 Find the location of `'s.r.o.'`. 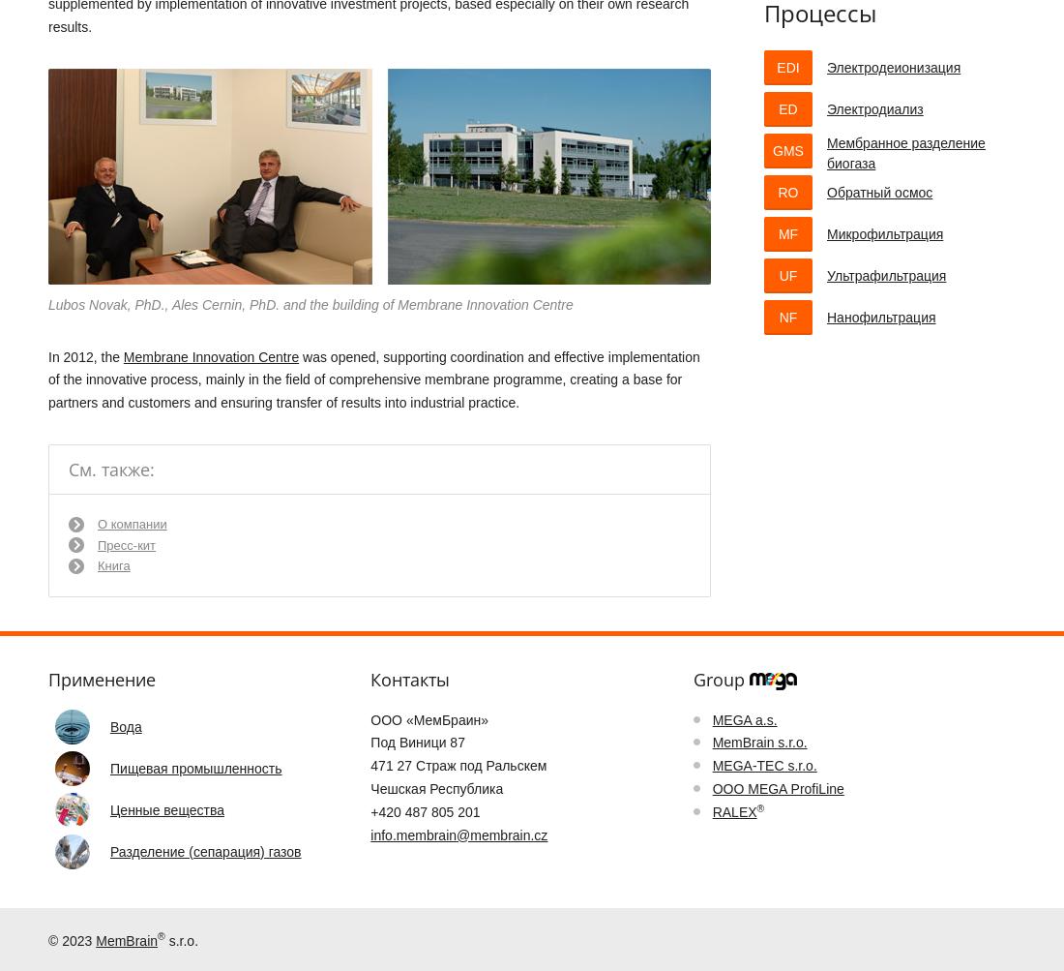

's.r.o.' is located at coordinates (180, 939).